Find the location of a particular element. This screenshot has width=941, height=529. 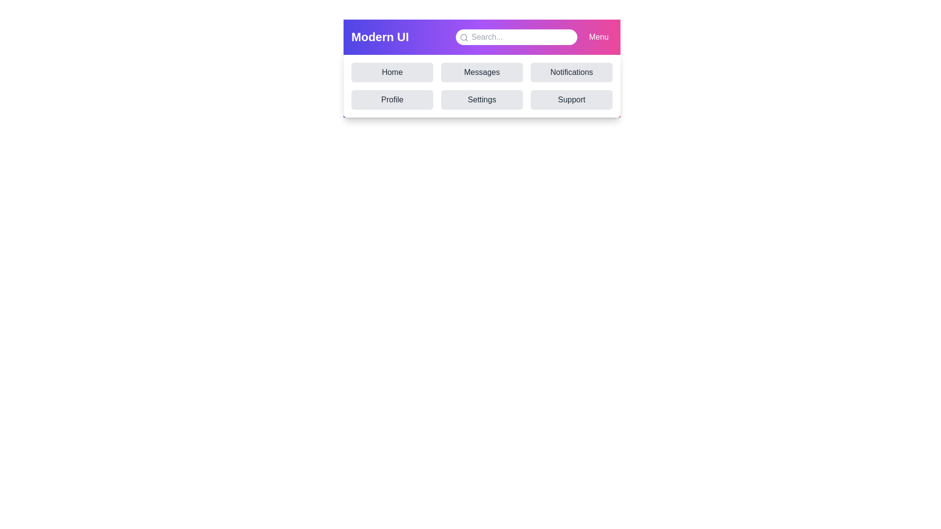

the navigation item Profile to simulate navigation is located at coordinates (392, 100).